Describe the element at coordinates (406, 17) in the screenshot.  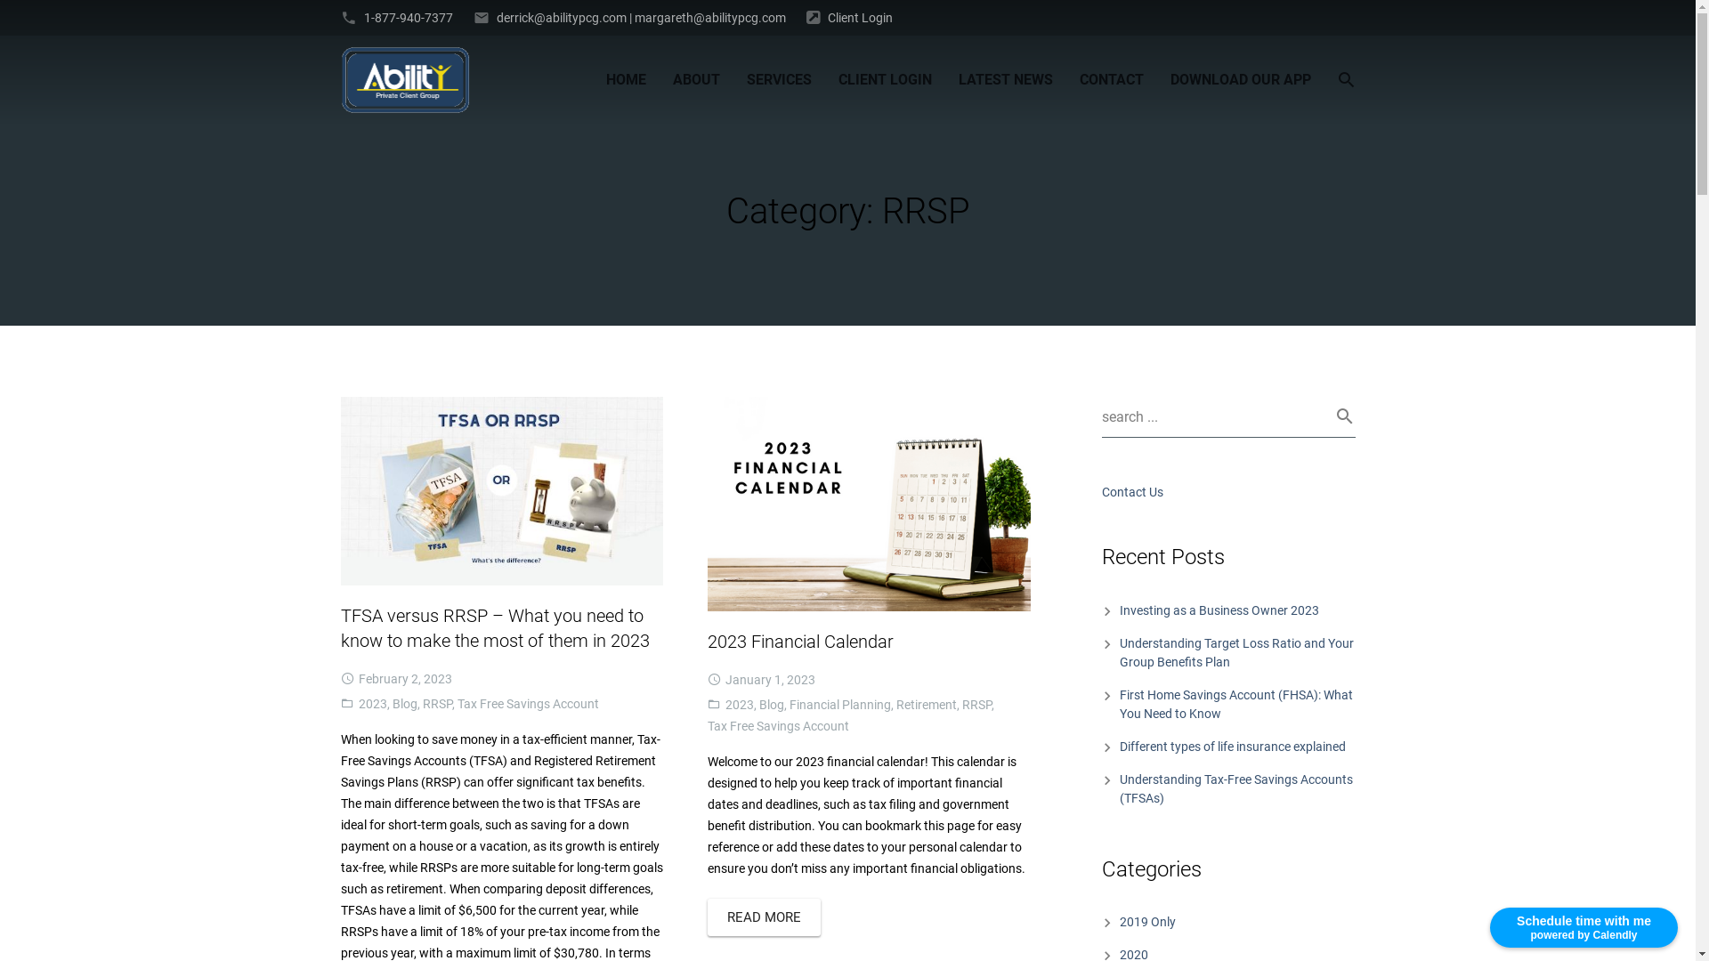
I see `'1-877-940-7377'` at that location.